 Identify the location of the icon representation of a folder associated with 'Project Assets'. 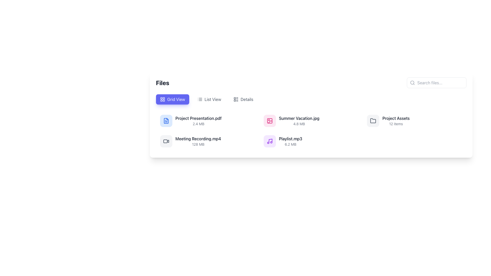
(373, 120).